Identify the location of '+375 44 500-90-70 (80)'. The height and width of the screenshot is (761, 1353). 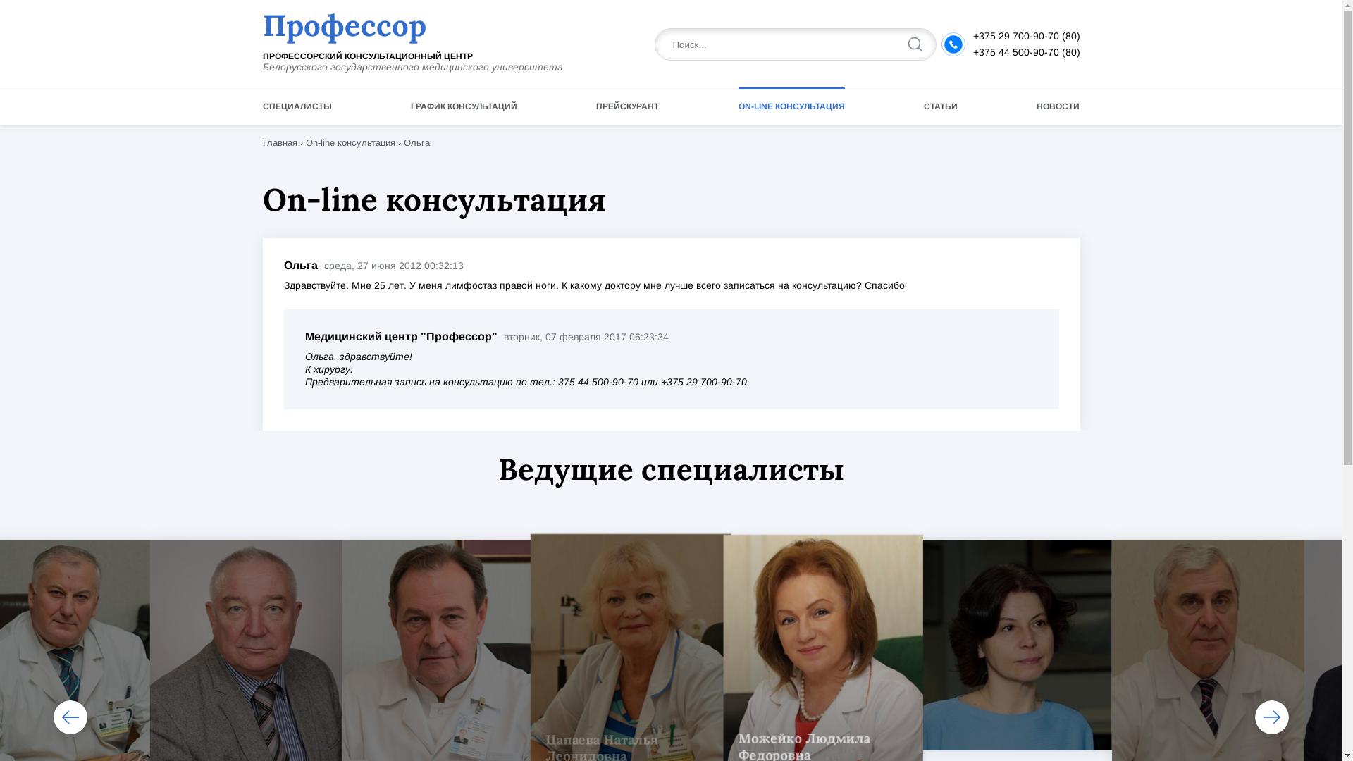
(1025, 51).